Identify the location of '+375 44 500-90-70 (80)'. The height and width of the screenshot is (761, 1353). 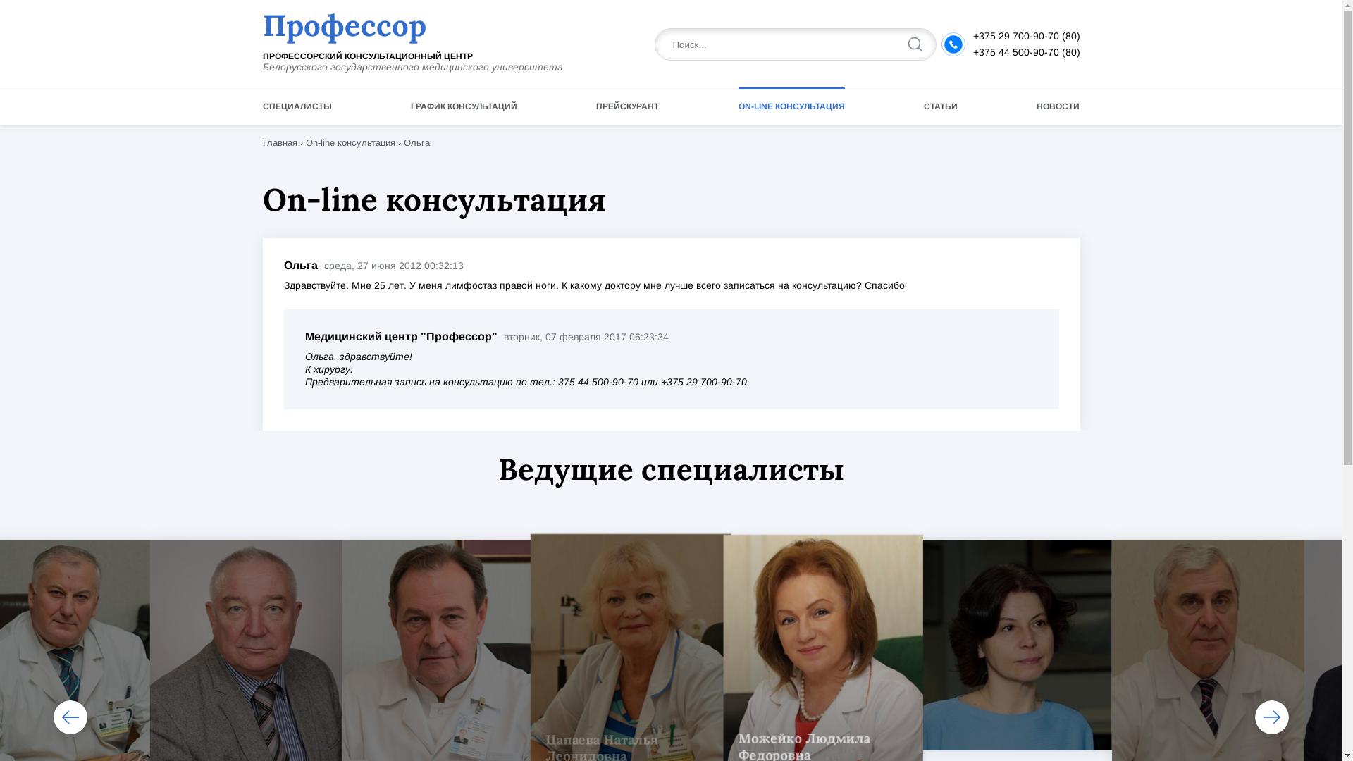
(1025, 51).